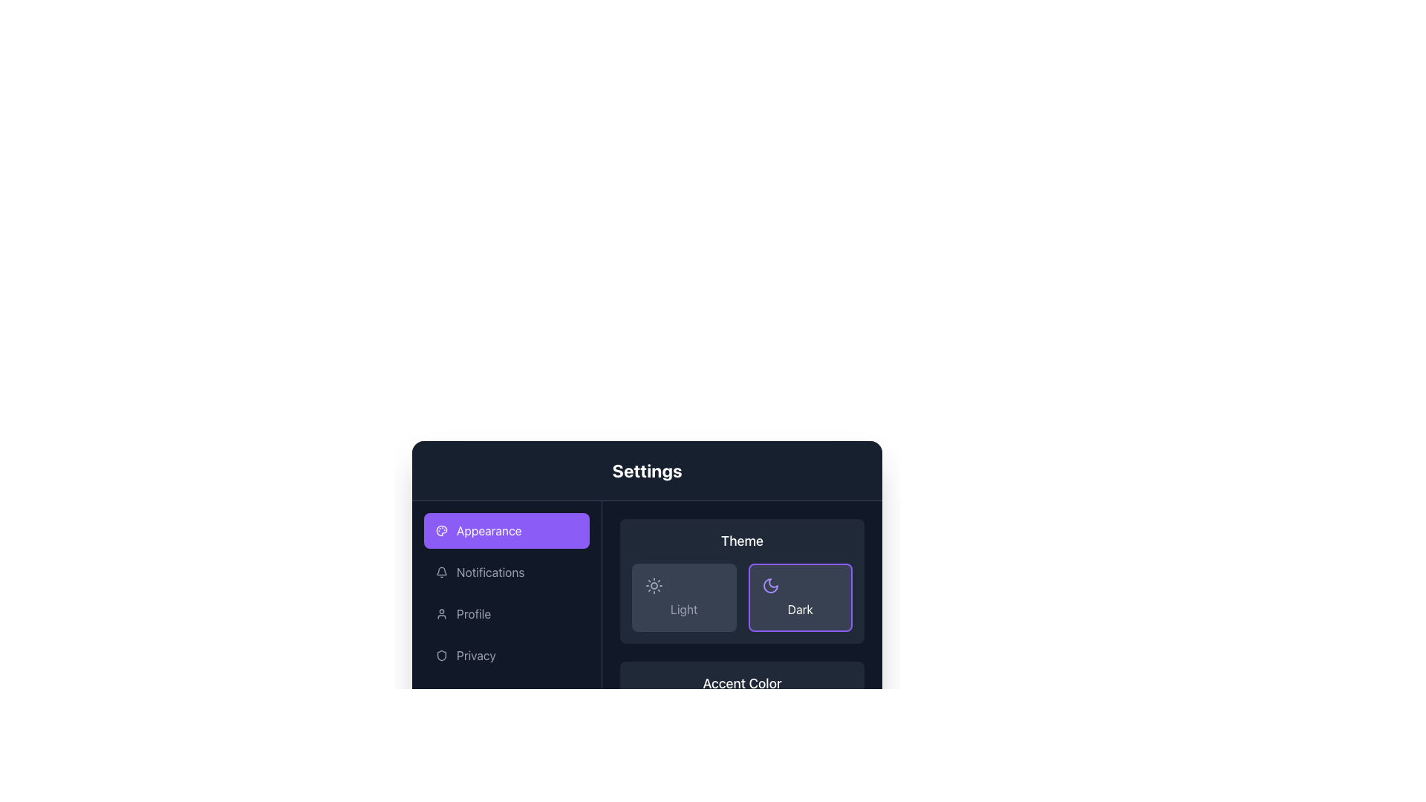 This screenshot has width=1426, height=802. I want to click on the gray bell icon located before the 'Notifications' text in the vertical sidebar, so click(441, 572).